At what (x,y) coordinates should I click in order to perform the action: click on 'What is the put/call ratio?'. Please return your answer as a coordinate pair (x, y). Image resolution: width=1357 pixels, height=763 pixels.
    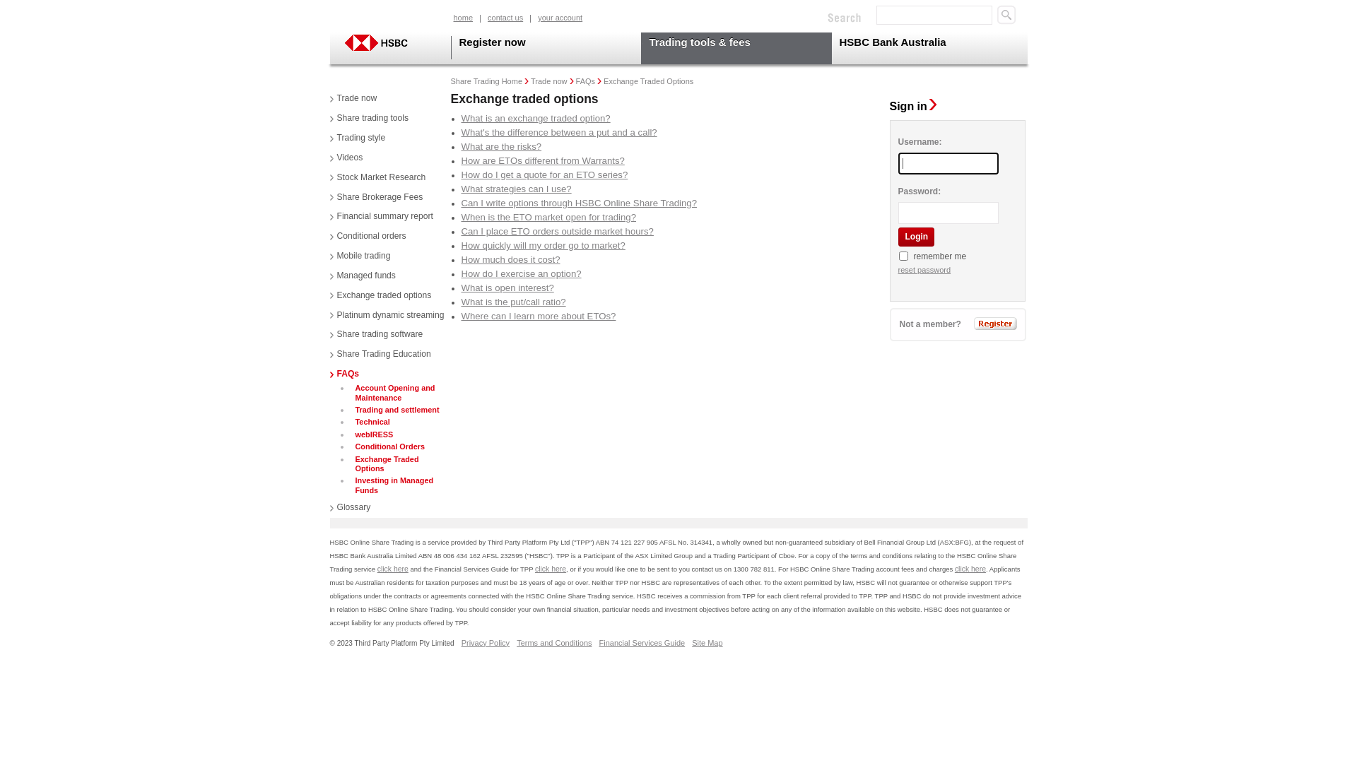
    Looking at the image, I should click on (512, 301).